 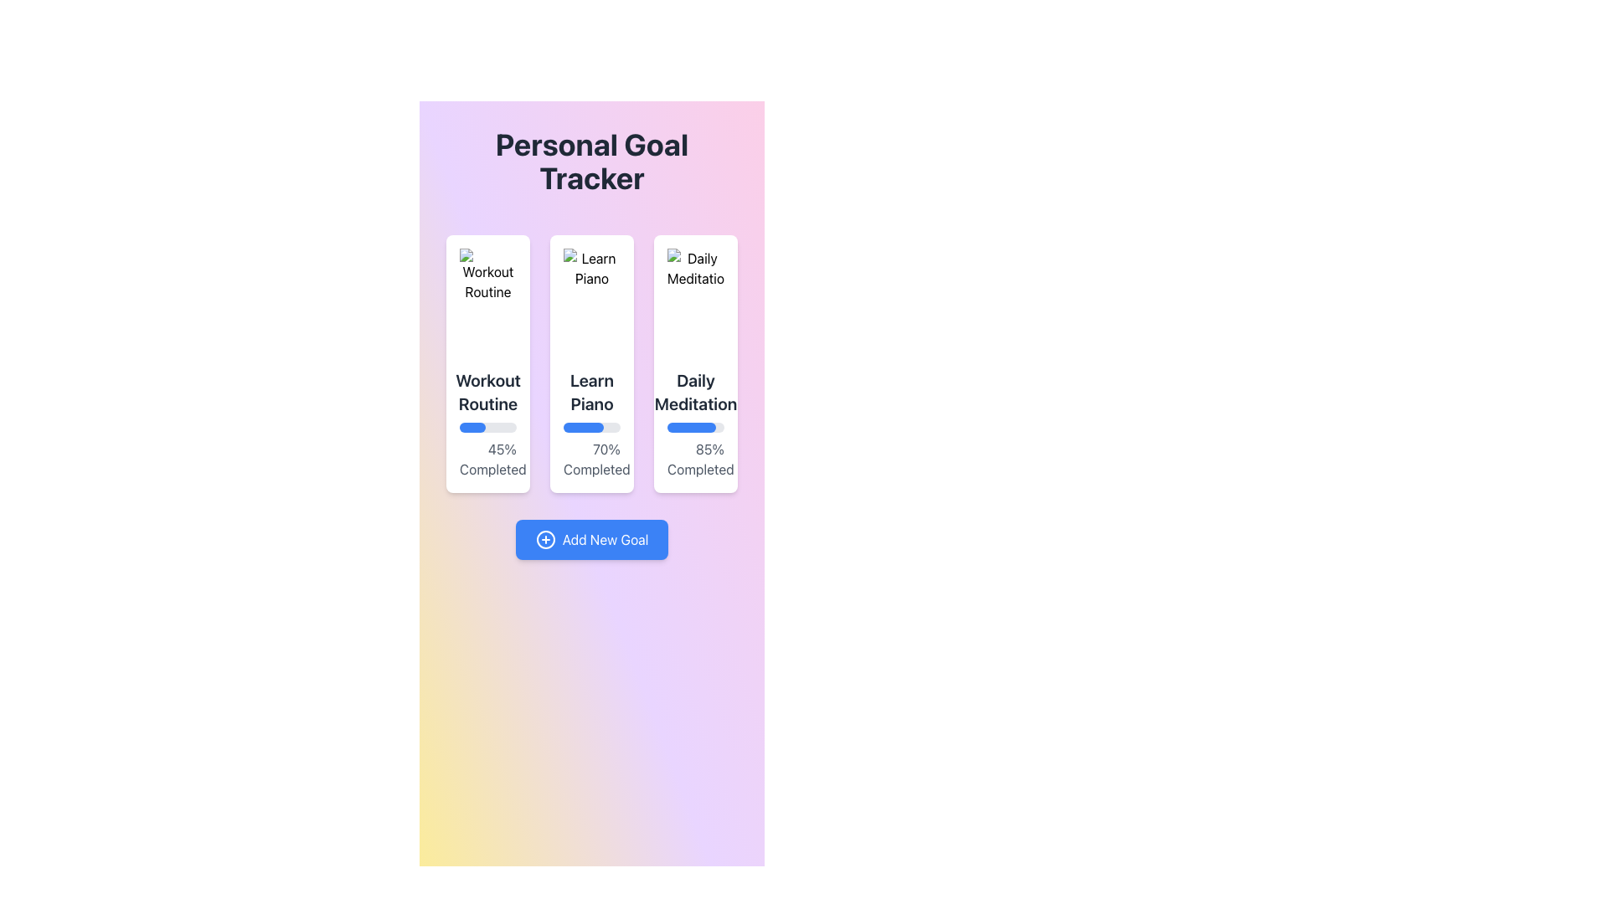 I want to click on the progress bar element indicating 70% completion within the 'Learn Piano' card layout, so click(x=591, y=426).